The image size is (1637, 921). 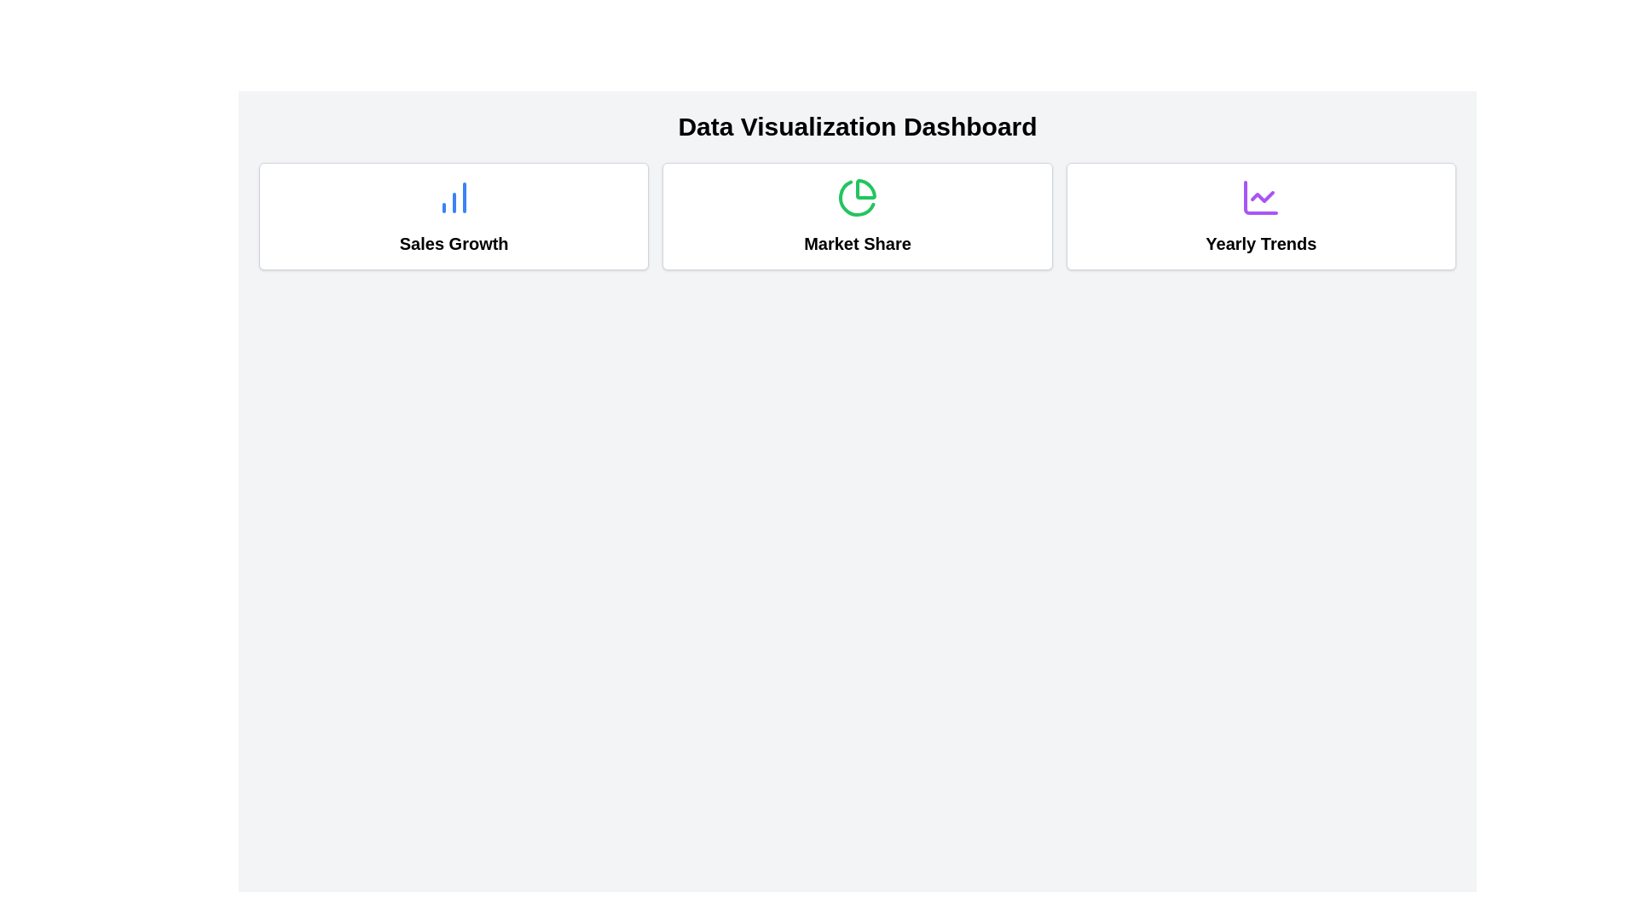 I want to click on the clickable card labeled 'Sales Growth', which features a blue bar chart icon at the top and bold text centered below it, so click(x=454, y=216).